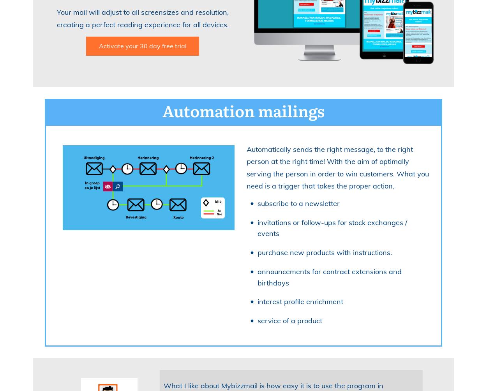 The image size is (487, 391). Describe the element at coordinates (257, 277) in the screenshot. I see `'announcements for contract extensions and birthdays'` at that location.